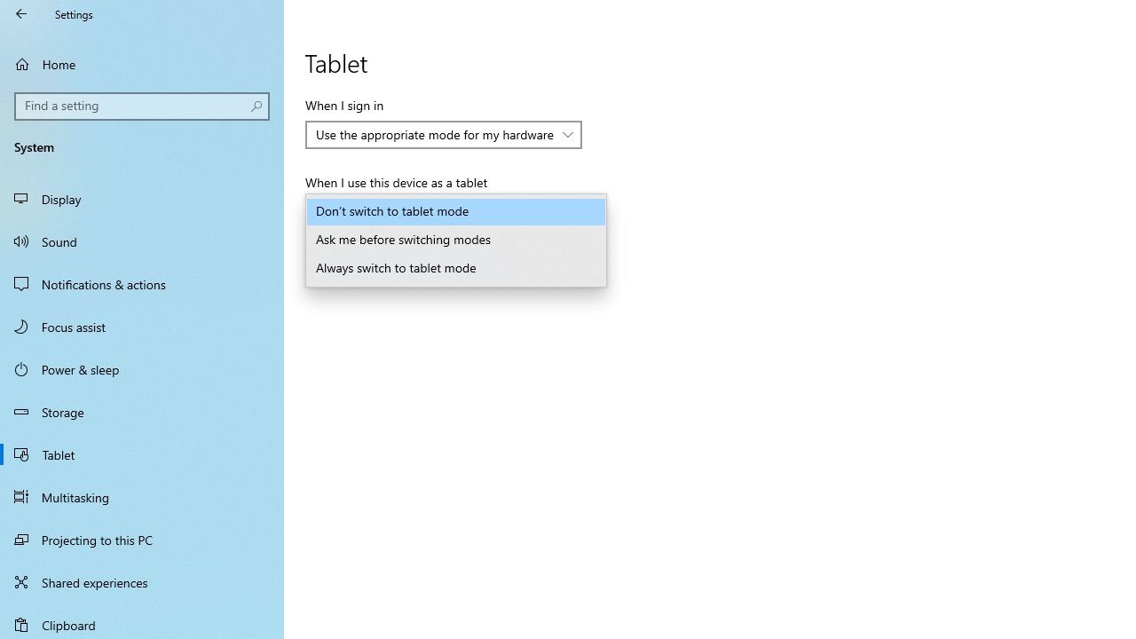  I want to click on 'Back', so click(21, 13).